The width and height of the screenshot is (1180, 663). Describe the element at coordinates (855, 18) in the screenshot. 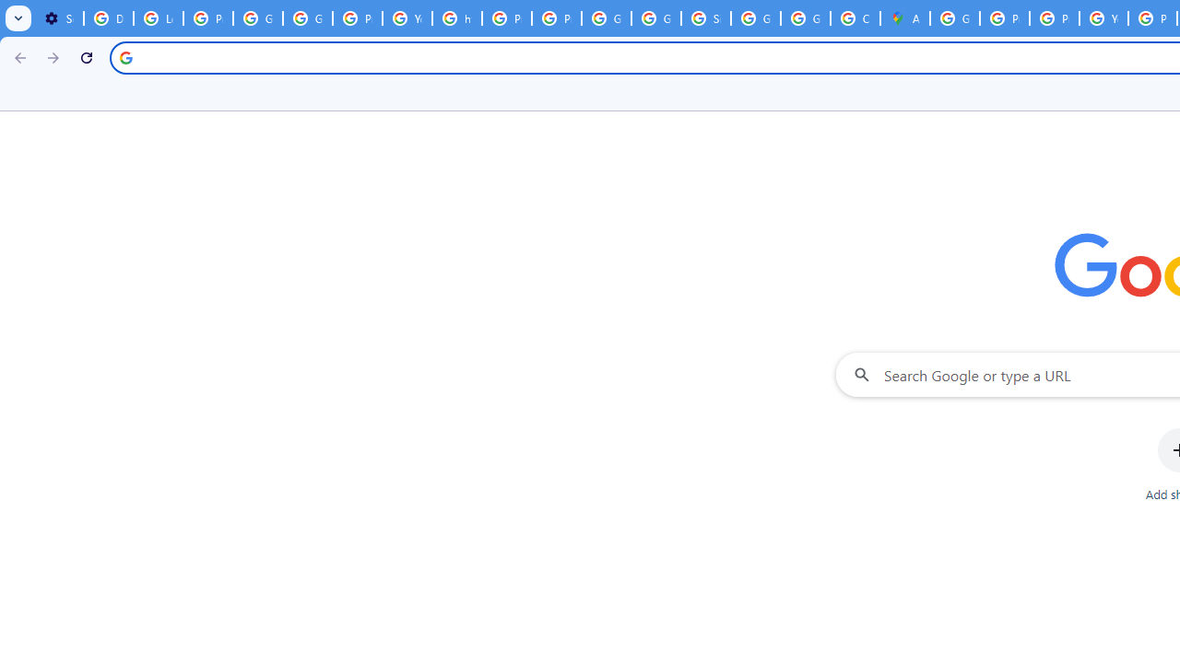

I see `'Create your Google Account'` at that location.